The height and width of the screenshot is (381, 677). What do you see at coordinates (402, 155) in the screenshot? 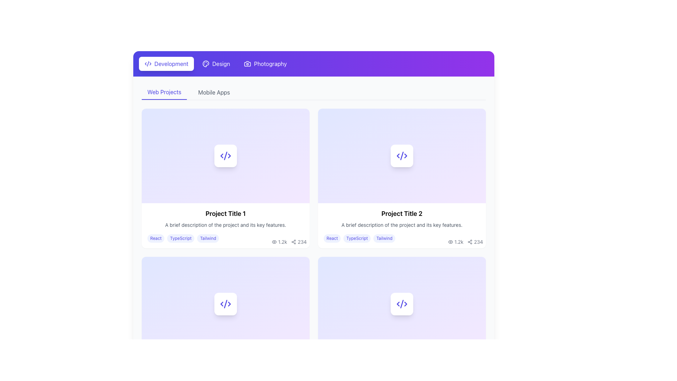
I see `the icon centered within the card labeled 'Project Title 2'` at bounding box center [402, 155].